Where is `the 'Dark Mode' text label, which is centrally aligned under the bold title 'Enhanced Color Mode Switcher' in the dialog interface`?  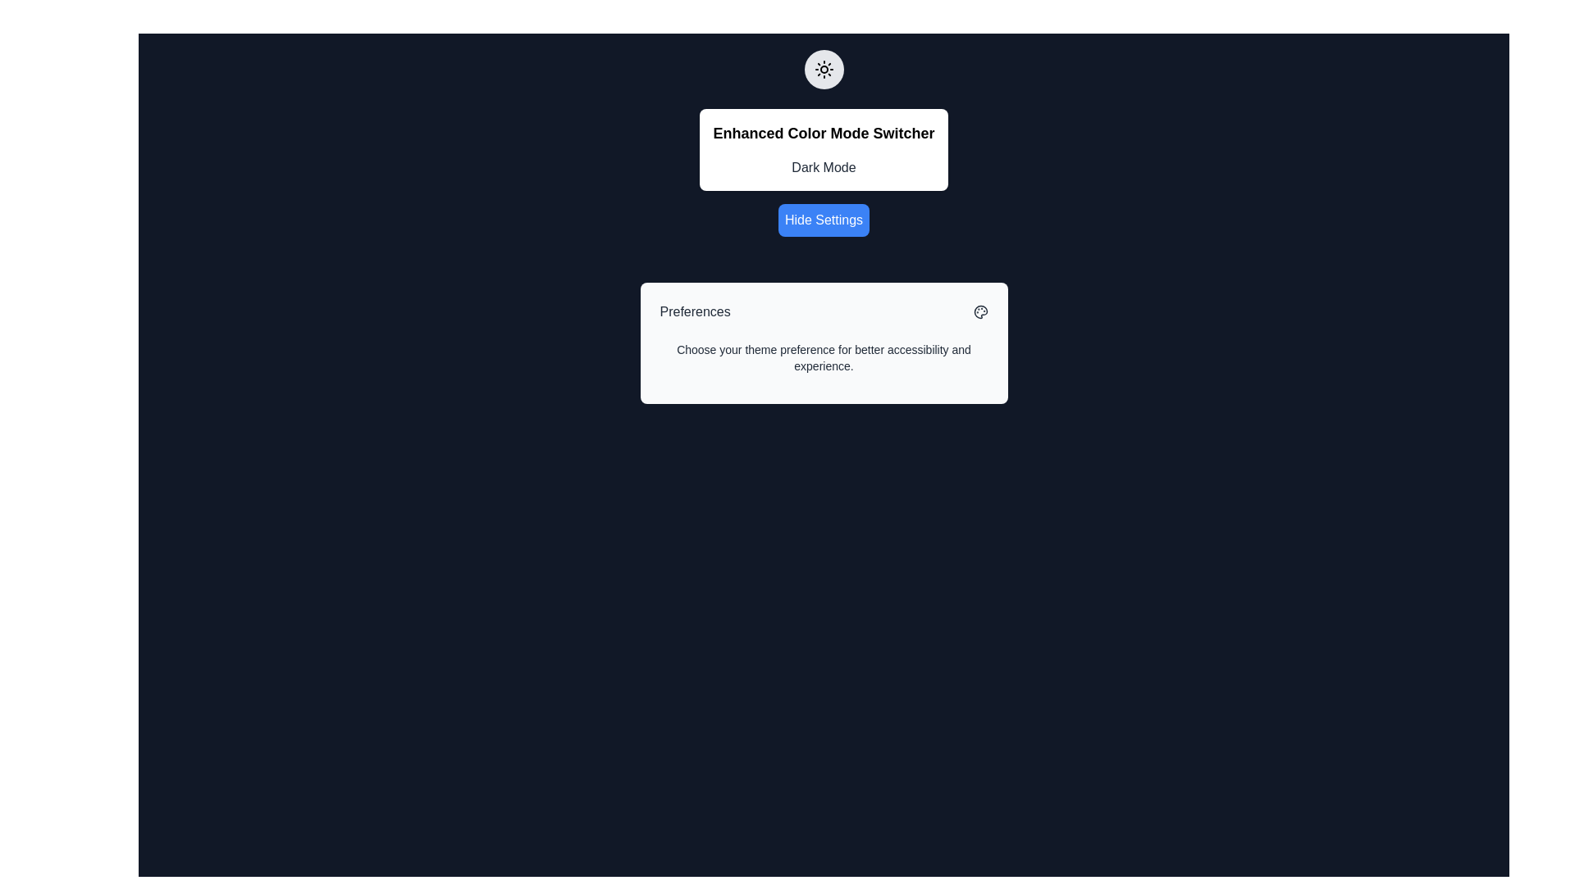
the 'Dark Mode' text label, which is centrally aligned under the bold title 'Enhanced Color Mode Switcher' in the dialog interface is located at coordinates (824, 167).